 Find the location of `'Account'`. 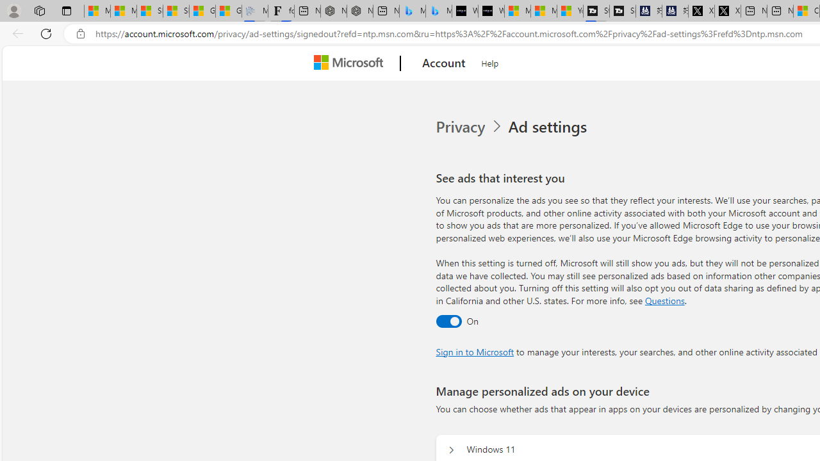

'Account' is located at coordinates (444, 63).